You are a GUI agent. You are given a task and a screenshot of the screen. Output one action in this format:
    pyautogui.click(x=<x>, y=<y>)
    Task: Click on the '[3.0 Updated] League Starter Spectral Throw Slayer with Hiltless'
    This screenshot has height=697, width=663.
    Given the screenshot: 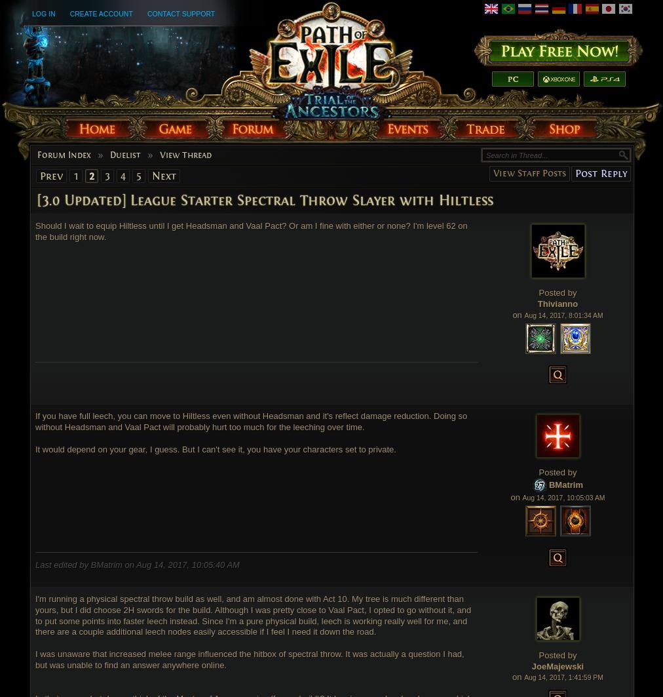 What is the action you would take?
    pyautogui.click(x=265, y=199)
    